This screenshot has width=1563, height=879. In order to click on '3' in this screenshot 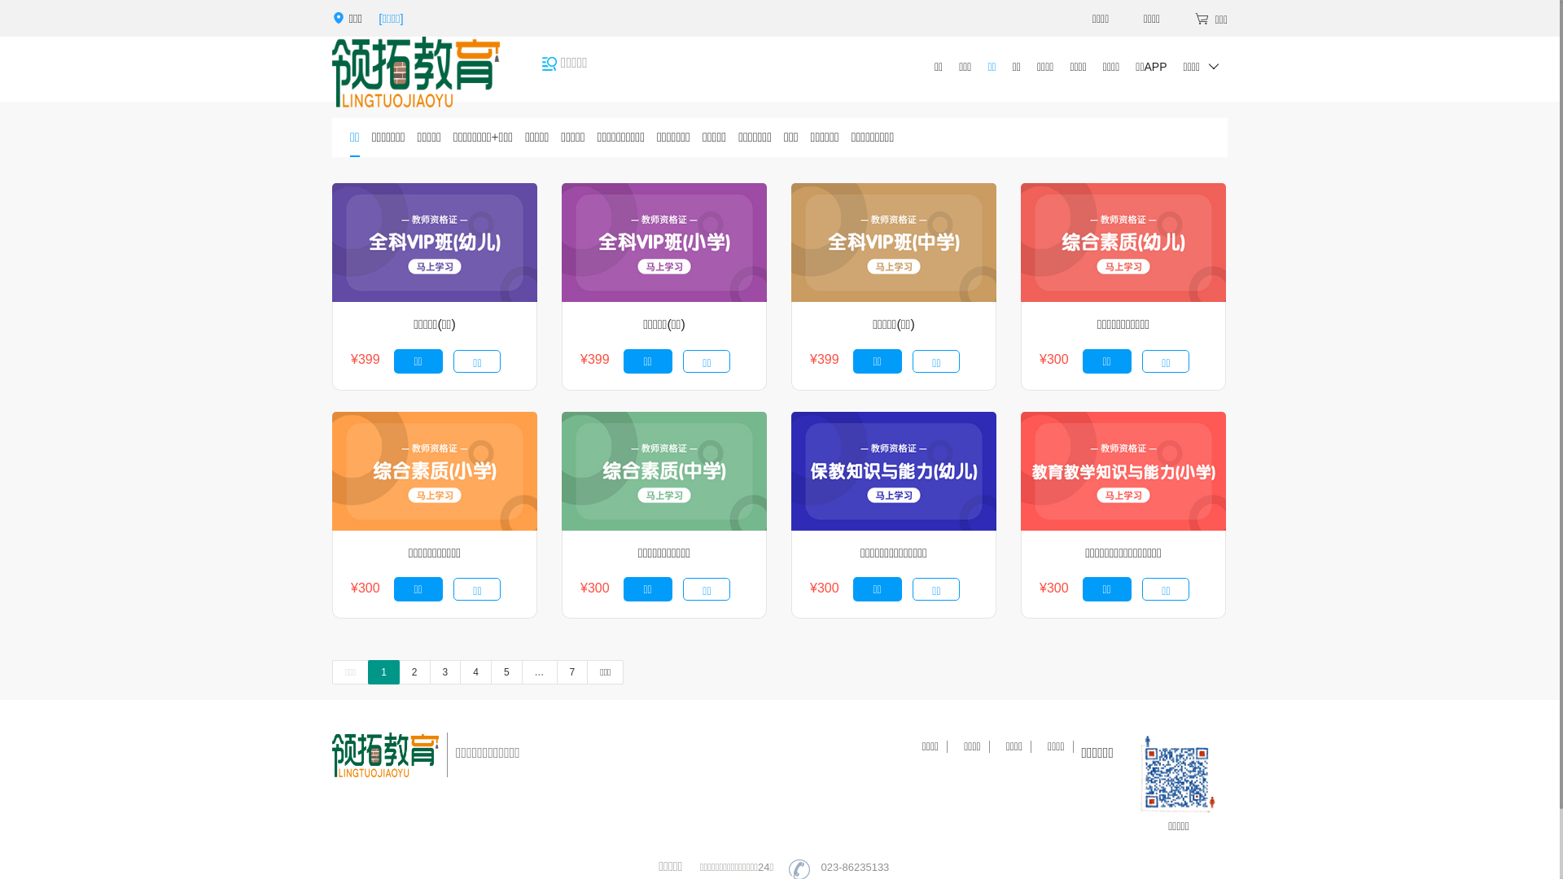, I will do `click(445, 671)`.